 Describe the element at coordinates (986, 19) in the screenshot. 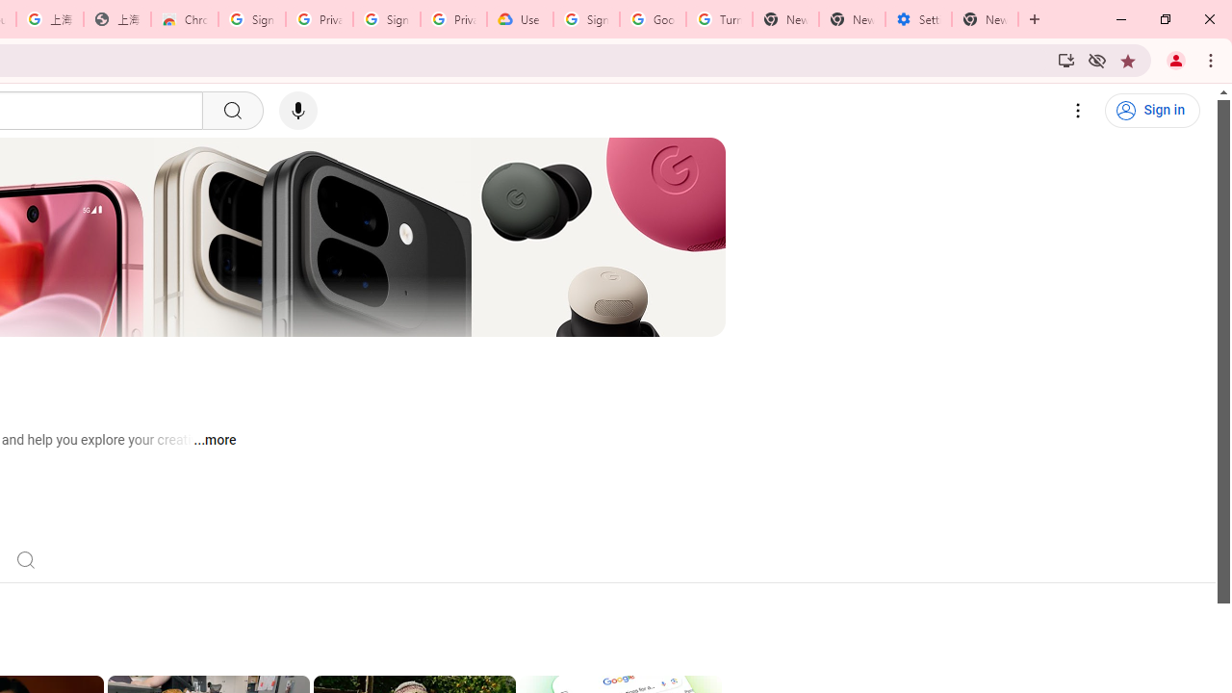

I see `'New Tab'` at that location.